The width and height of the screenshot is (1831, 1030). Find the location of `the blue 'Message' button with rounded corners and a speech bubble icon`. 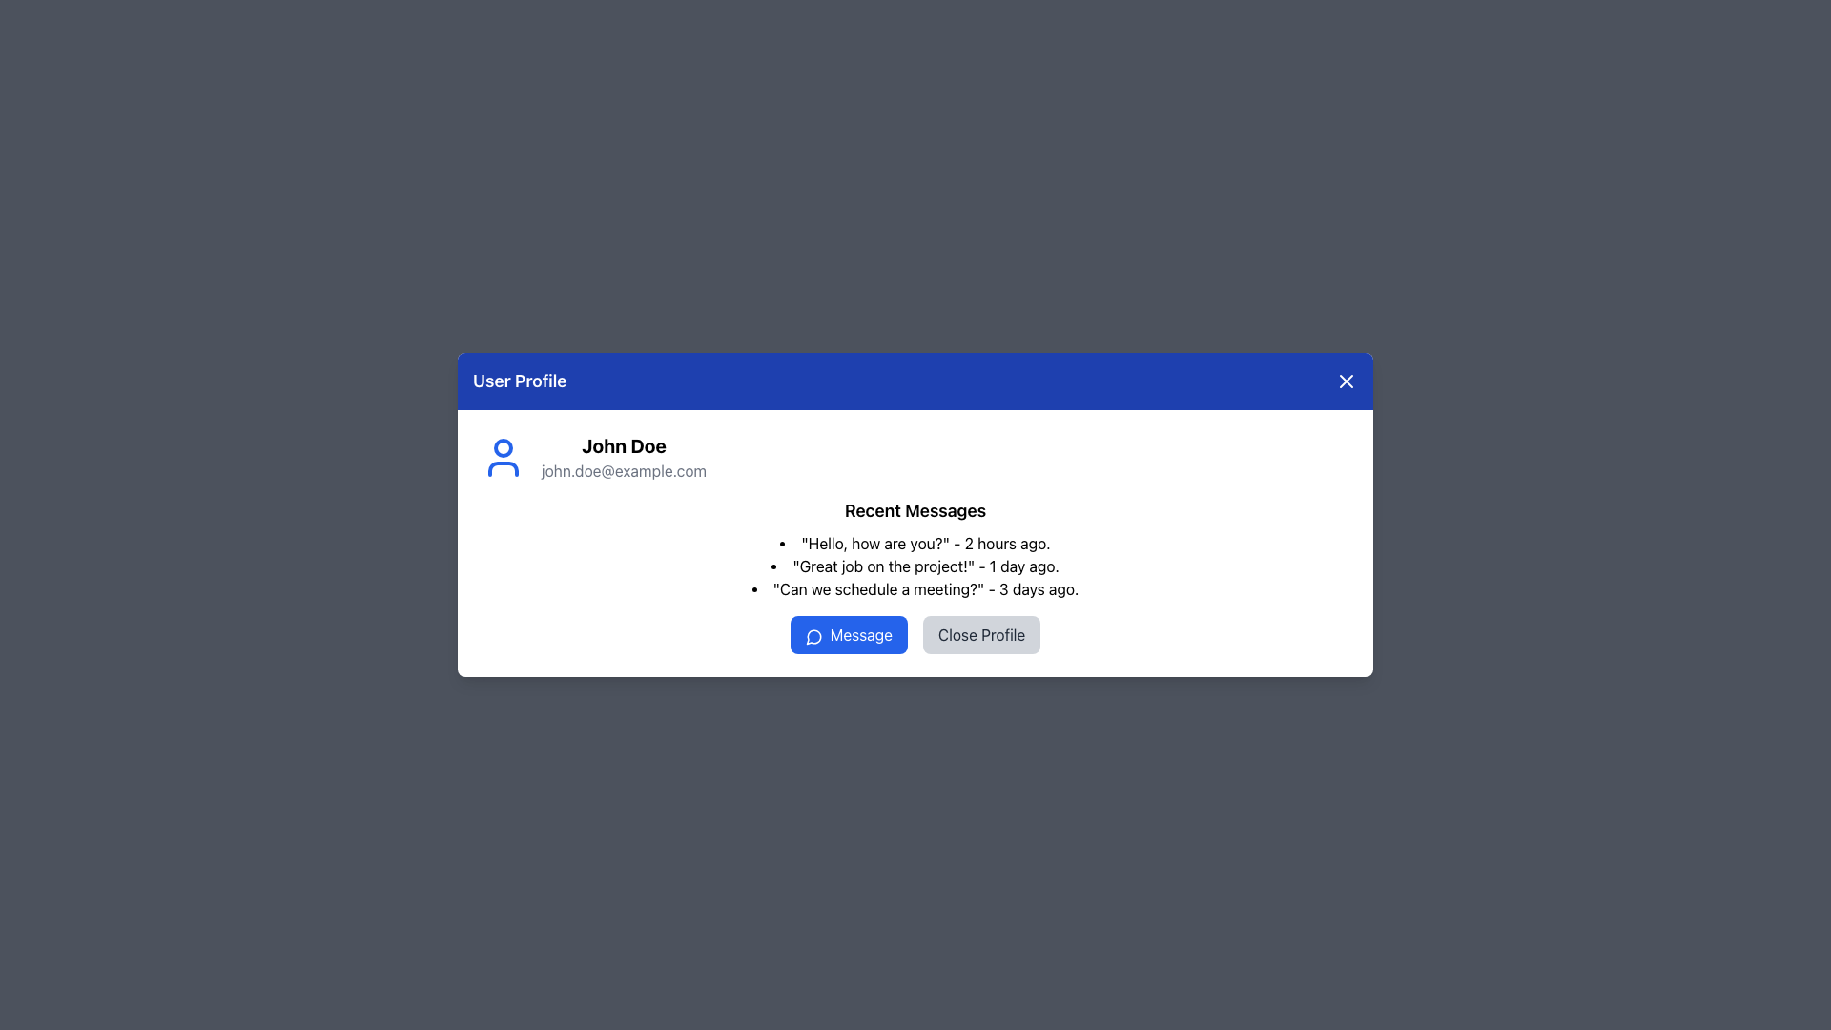

the blue 'Message' button with rounded corners and a speech bubble icon is located at coordinates (848, 635).